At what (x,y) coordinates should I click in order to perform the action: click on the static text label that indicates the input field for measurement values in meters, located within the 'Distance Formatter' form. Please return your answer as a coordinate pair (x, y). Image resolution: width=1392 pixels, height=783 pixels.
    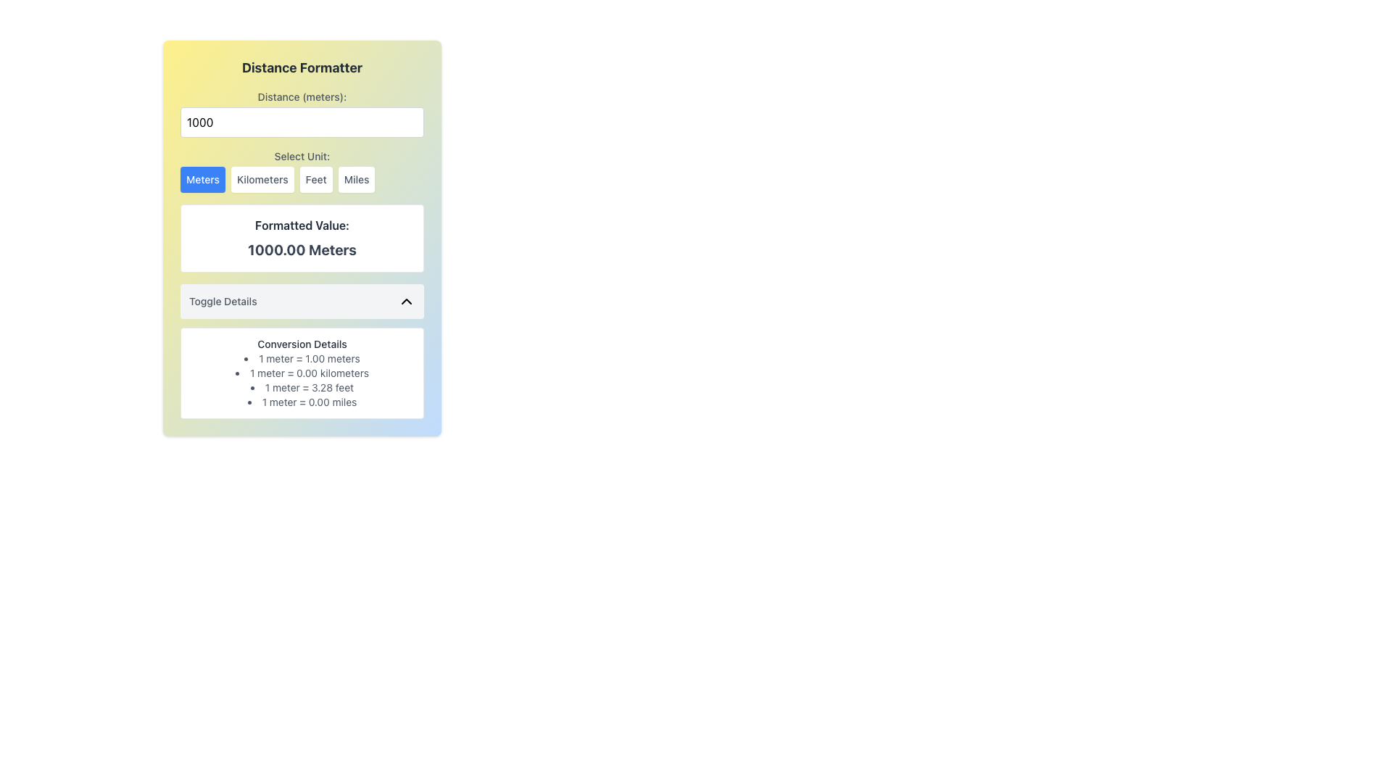
    Looking at the image, I should click on (302, 97).